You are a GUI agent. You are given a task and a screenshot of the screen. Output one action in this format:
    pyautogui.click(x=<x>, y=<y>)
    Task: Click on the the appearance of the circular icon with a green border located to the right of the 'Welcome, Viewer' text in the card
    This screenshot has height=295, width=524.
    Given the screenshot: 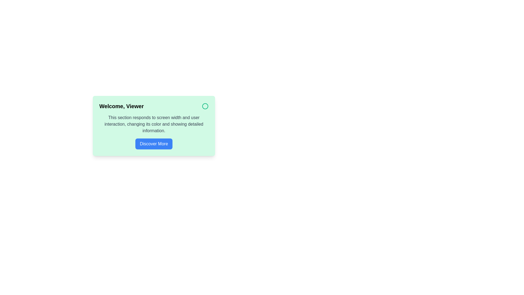 What is the action you would take?
    pyautogui.click(x=205, y=106)
    